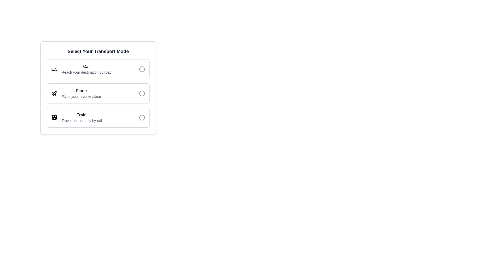 This screenshot has height=278, width=495. Describe the element at coordinates (98, 51) in the screenshot. I see `the bold, large-sized text element that displays 'Select Your Transport Mode', which serves as a title or header for the section` at that location.